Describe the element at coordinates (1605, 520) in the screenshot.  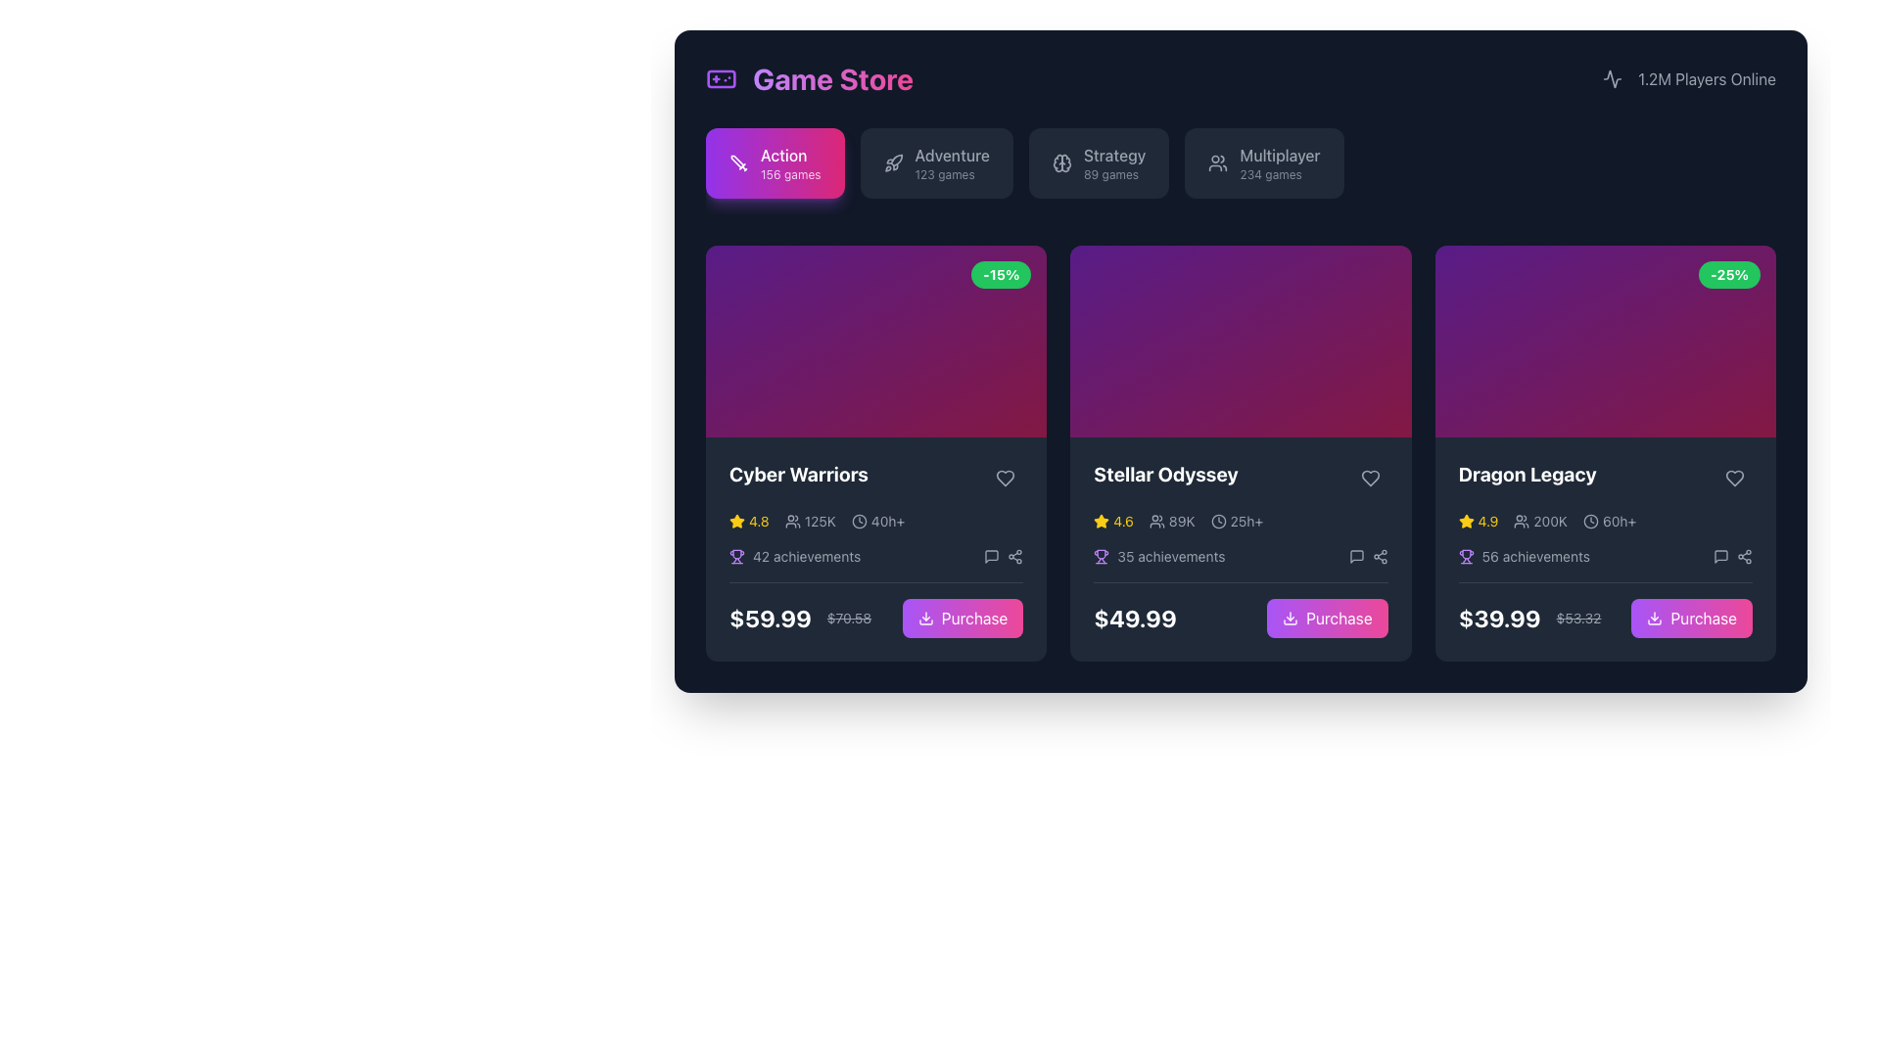
I see `the informational display with icons that shows the ratings, player count, and estimated playtime for the 'Dragon Legacy' game, positioned below its title and above the achievements counts` at that location.